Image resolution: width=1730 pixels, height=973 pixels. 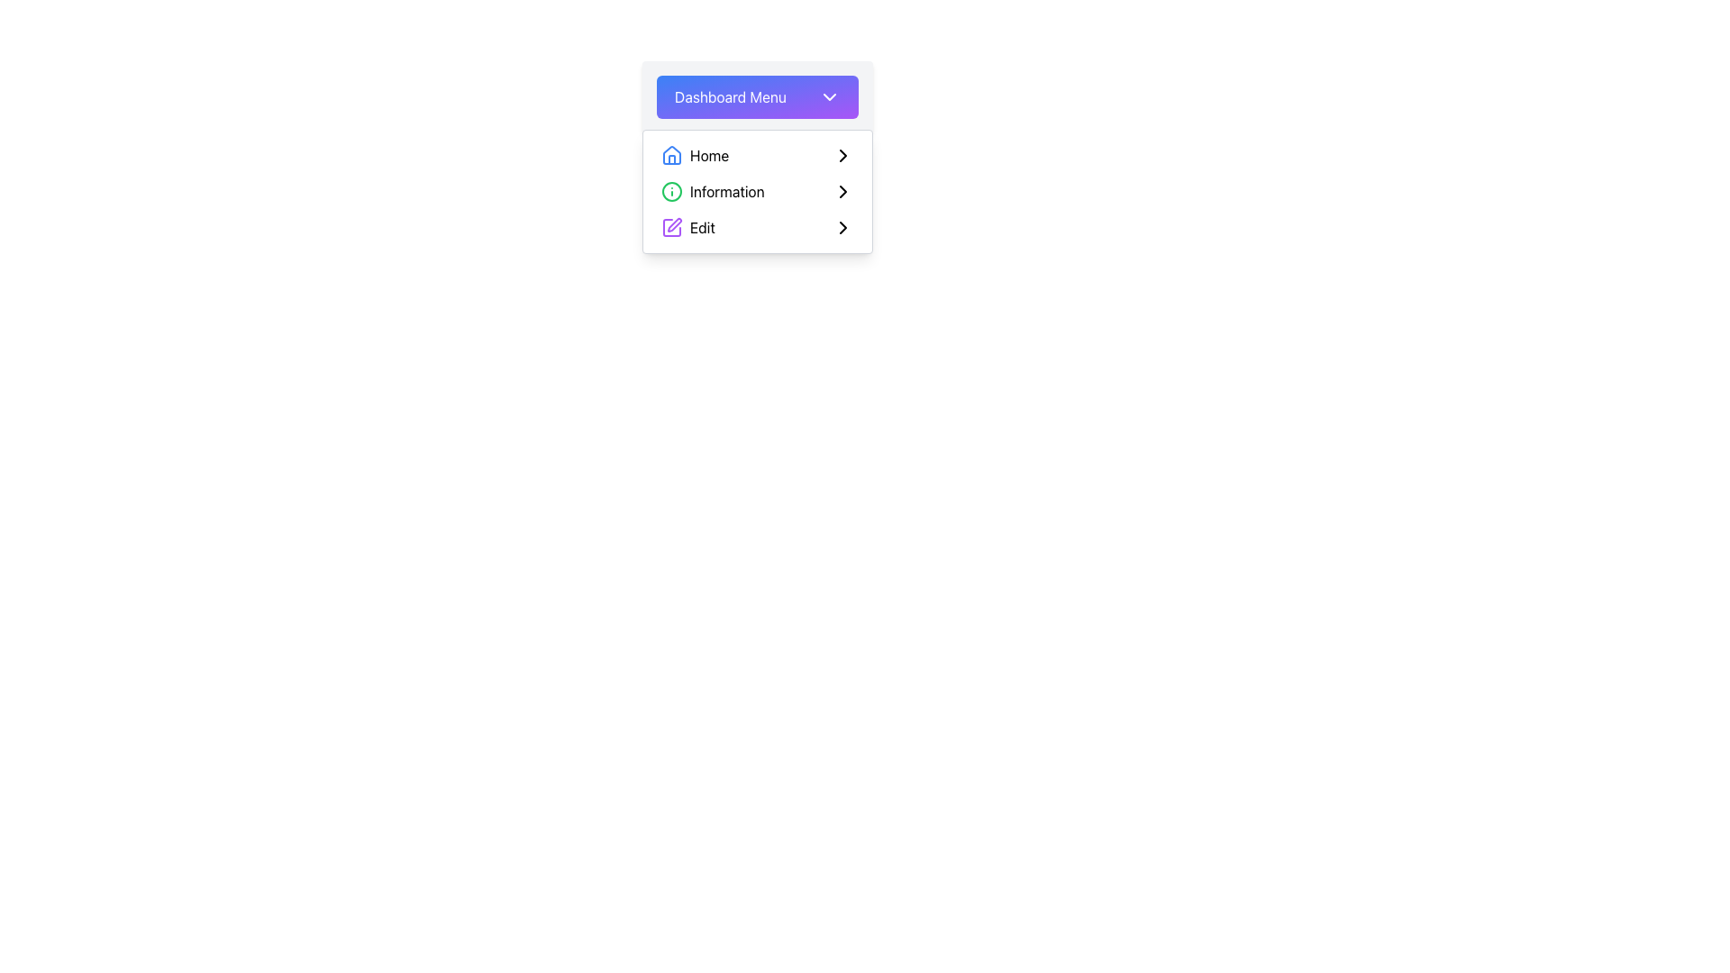 What do you see at coordinates (757, 227) in the screenshot?
I see `the 'Edit' menu item located at the bottom of the dropdown menu` at bounding box center [757, 227].